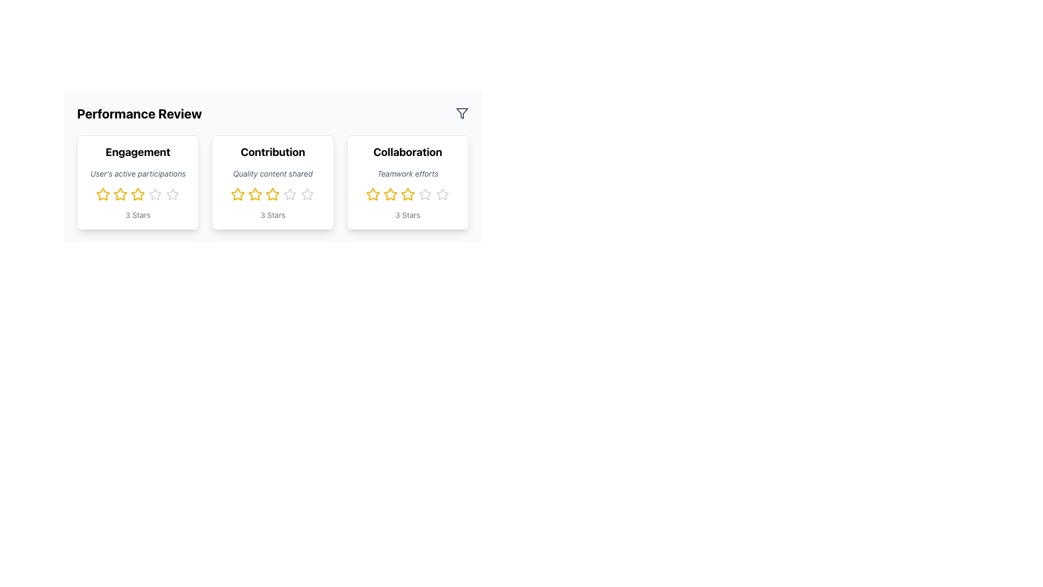 The width and height of the screenshot is (1043, 587). I want to click on the fifth star icon in the rating system under the 'Collaboration' card in the 'Performance Review' section for visual feedback, so click(442, 193).